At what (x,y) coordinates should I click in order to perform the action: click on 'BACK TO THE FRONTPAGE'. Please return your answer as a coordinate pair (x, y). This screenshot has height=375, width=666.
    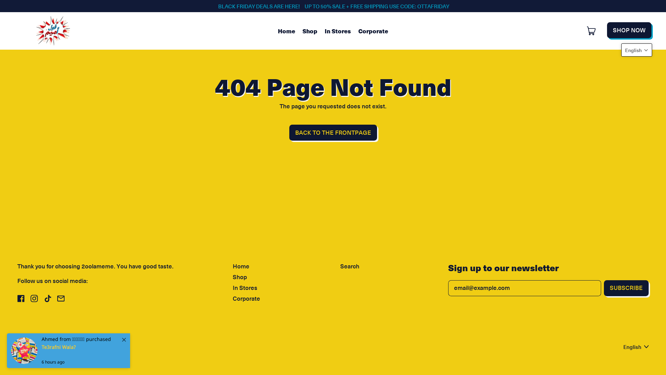
    Looking at the image, I should click on (333, 132).